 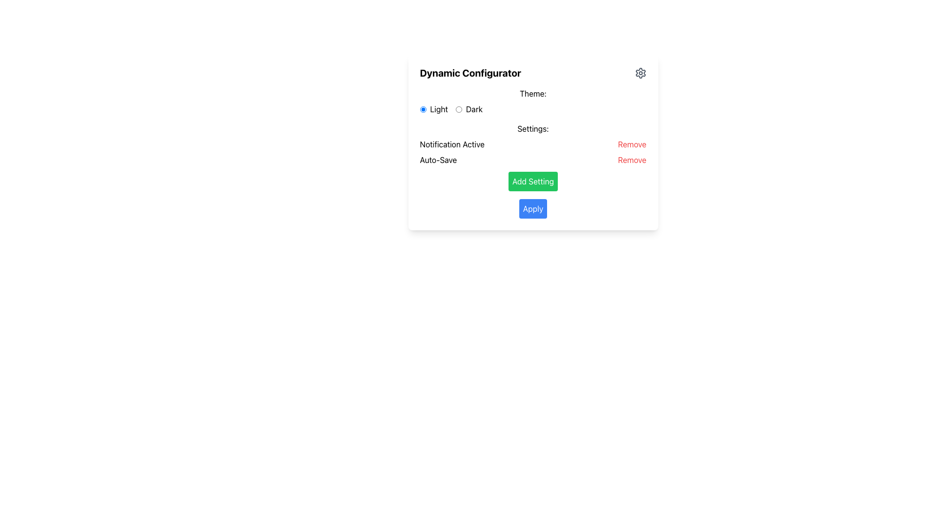 What do you see at coordinates (423, 109) in the screenshot?
I see `the 'Light' theme radio button located in the 'Theme' section of the interface` at bounding box center [423, 109].